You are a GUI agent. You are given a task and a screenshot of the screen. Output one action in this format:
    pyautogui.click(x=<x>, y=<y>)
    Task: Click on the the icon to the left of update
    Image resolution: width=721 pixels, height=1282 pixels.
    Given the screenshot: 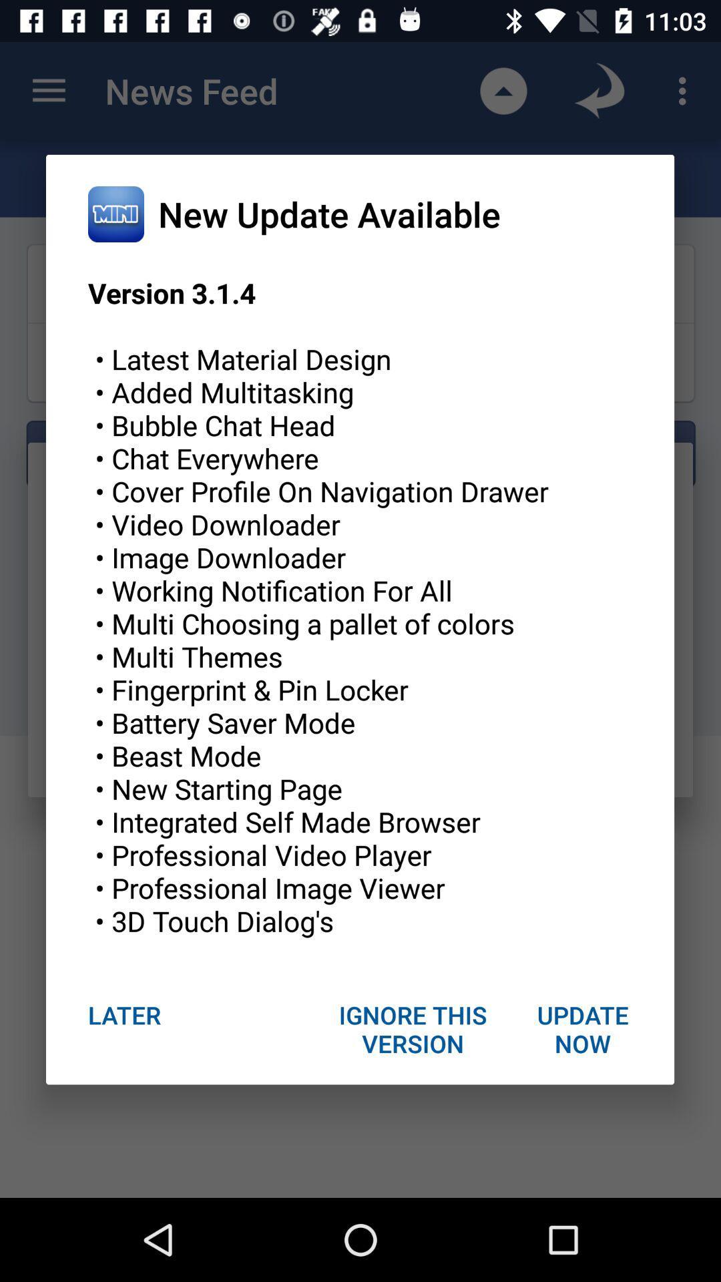 What is the action you would take?
    pyautogui.click(x=413, y=1028)
    